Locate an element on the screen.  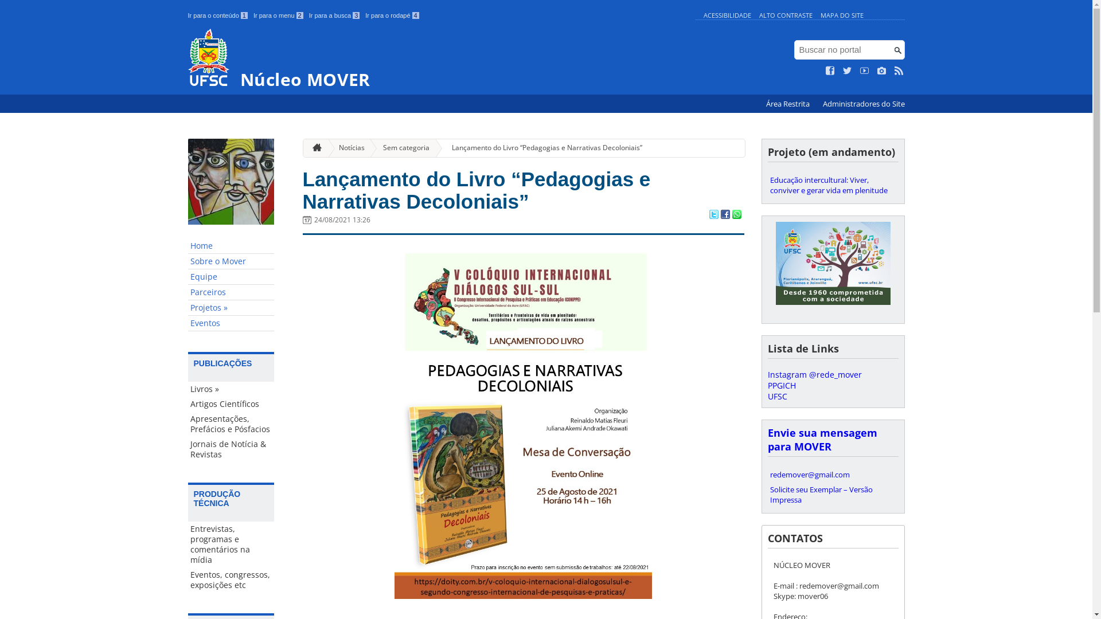
'Envie sua mensagem para MOVER' is located at coordinates (821, 439).